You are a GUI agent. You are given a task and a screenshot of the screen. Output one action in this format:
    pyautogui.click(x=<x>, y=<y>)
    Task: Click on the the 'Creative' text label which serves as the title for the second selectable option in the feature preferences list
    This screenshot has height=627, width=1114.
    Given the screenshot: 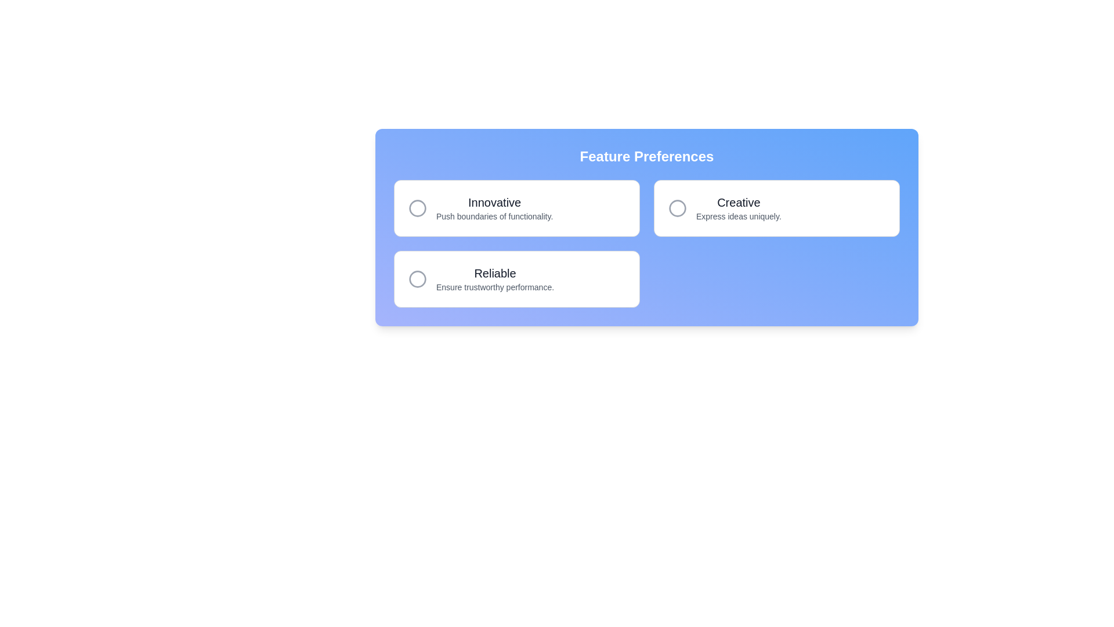 What is the action you would take?
    pyautogui.click(x=738, y=201)
    